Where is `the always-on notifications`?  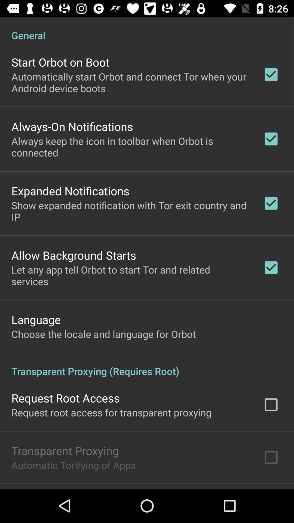
the always-on notifications is located at coordinates (72, 126).